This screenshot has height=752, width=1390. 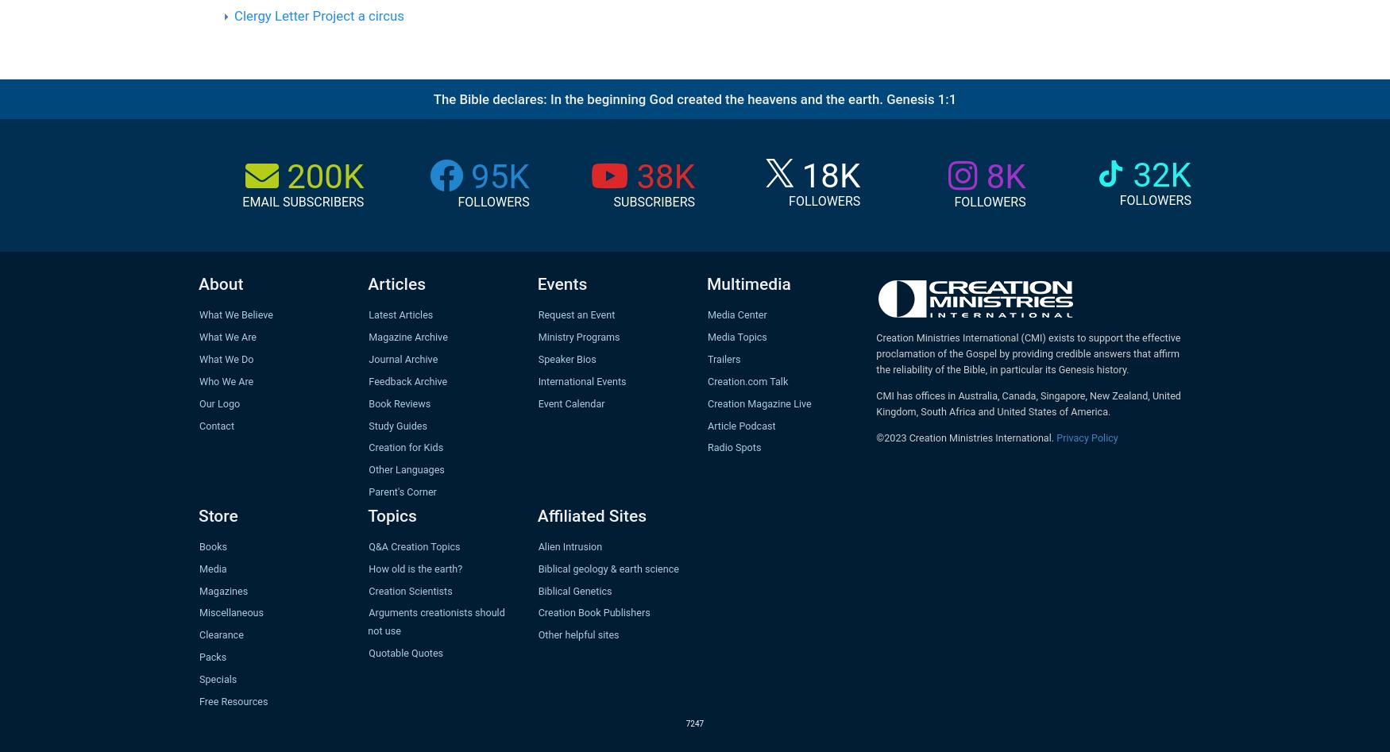 What do you see at coordinates (318, 87) in the screenshot?
I see `'page.'` at bounding box center [318, 87].